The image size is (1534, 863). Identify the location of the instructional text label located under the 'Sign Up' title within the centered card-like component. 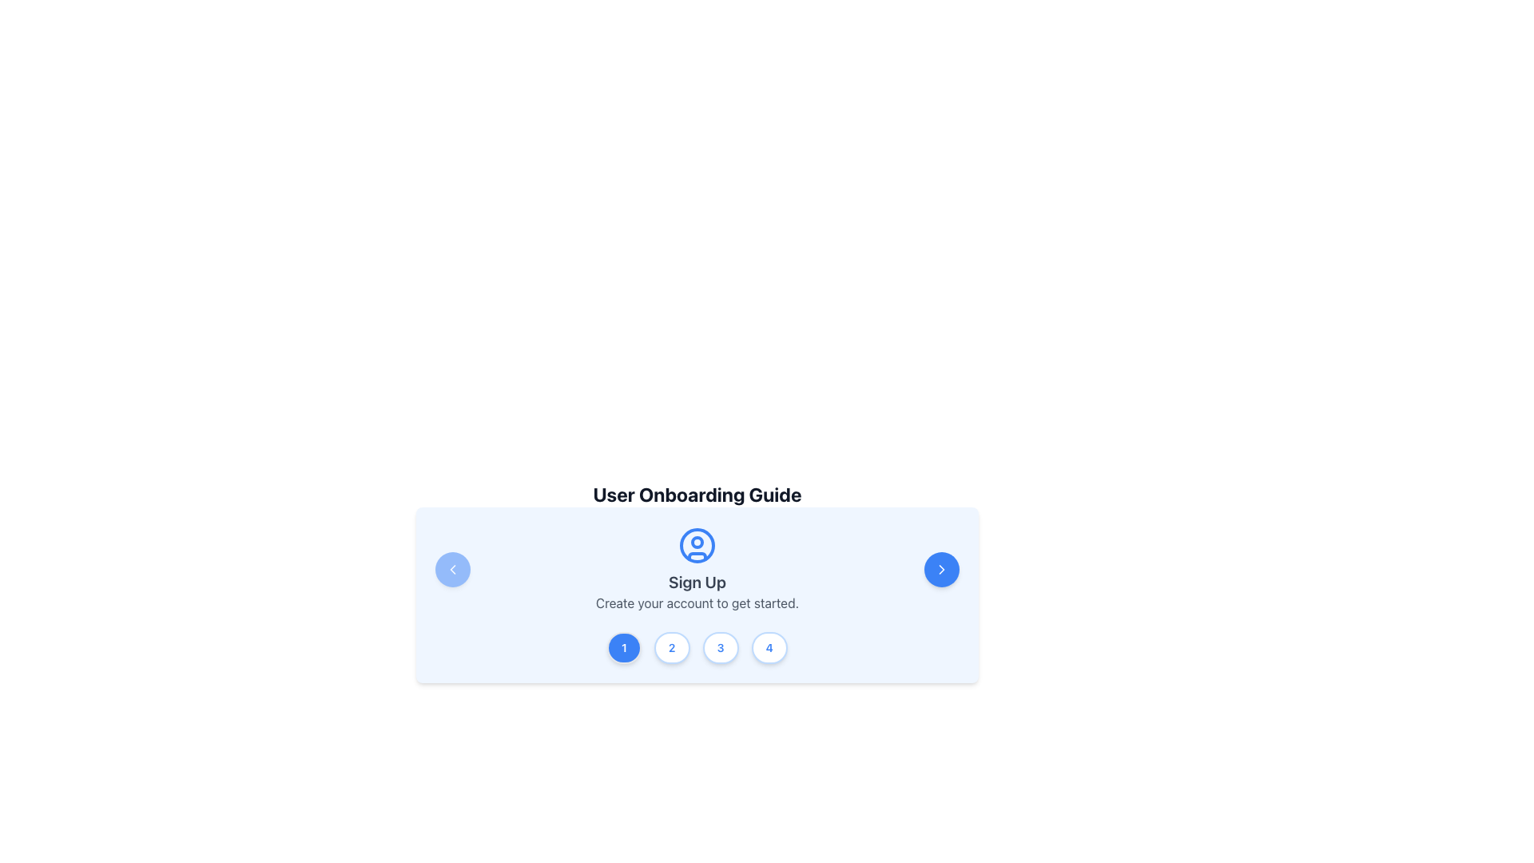
(697, 603).